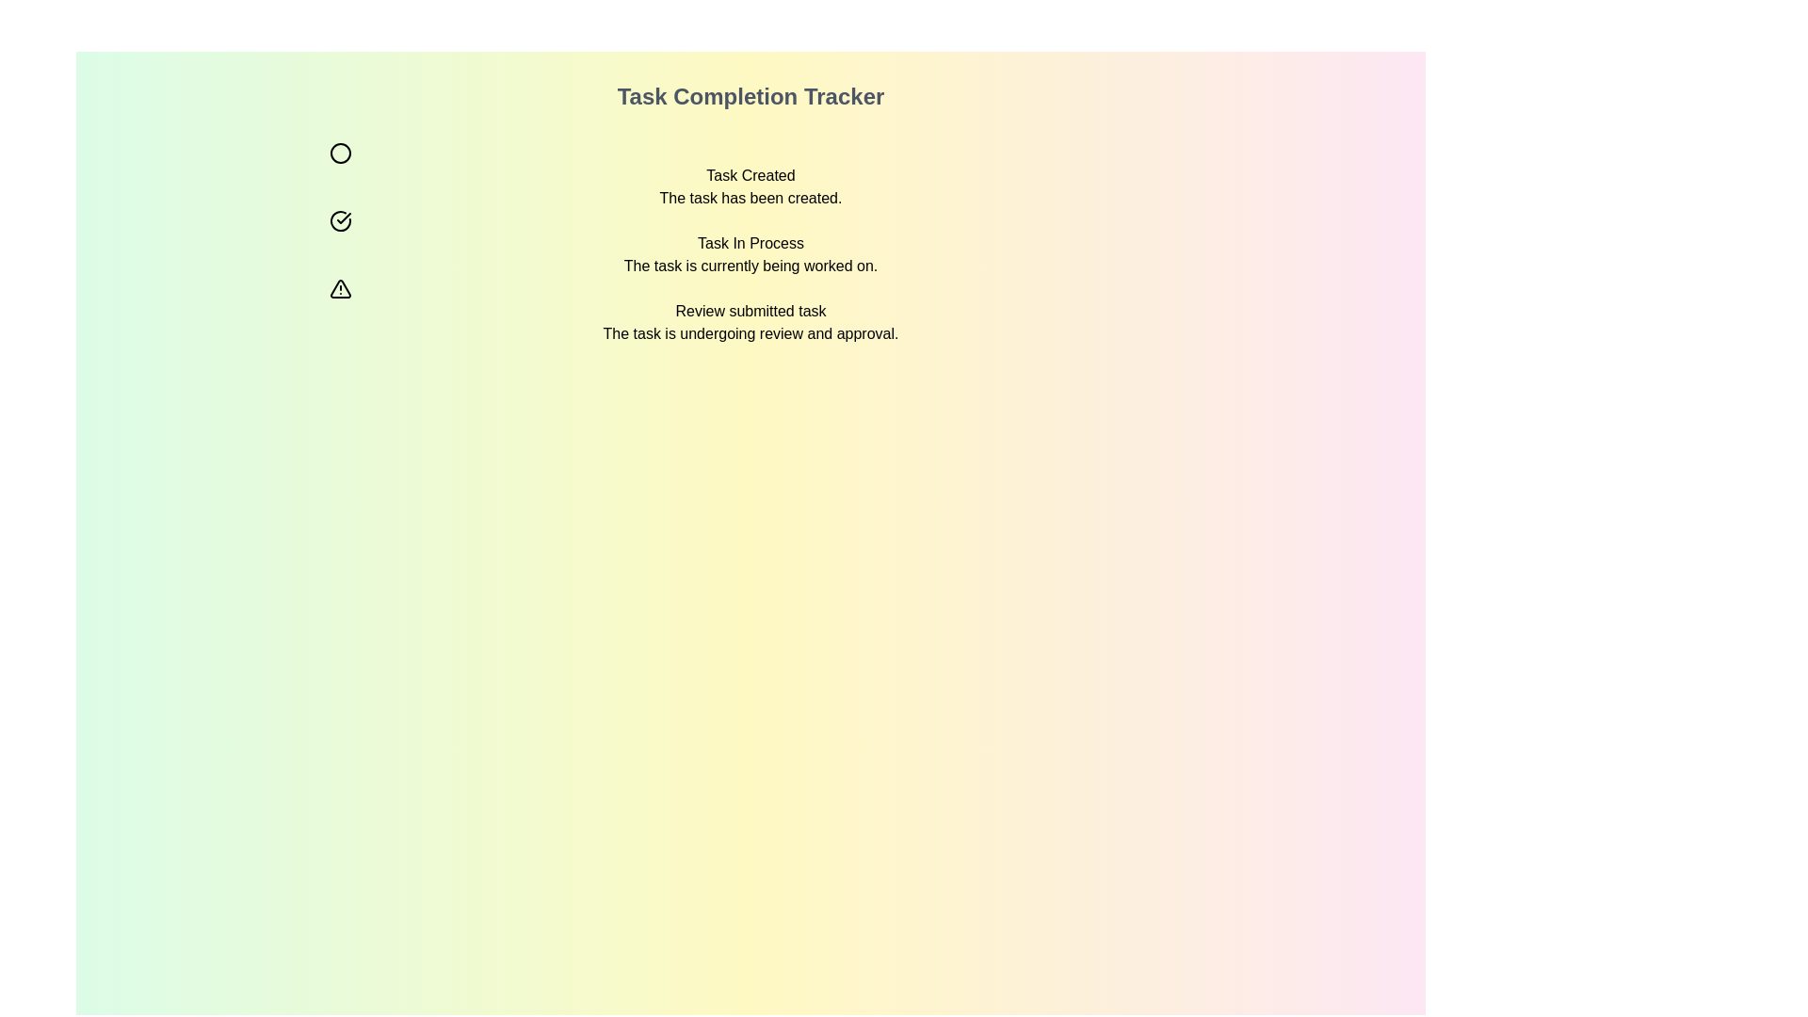 Image resolution: width=1808 pixels, height=1017 pixels. What do you see at coordinates (750, 332) in the screenshot?
I see `the text element displaying 'The task is undergoing review and approval.' located below the heading 'Review submitted task'` at bounding box center [750, 332].